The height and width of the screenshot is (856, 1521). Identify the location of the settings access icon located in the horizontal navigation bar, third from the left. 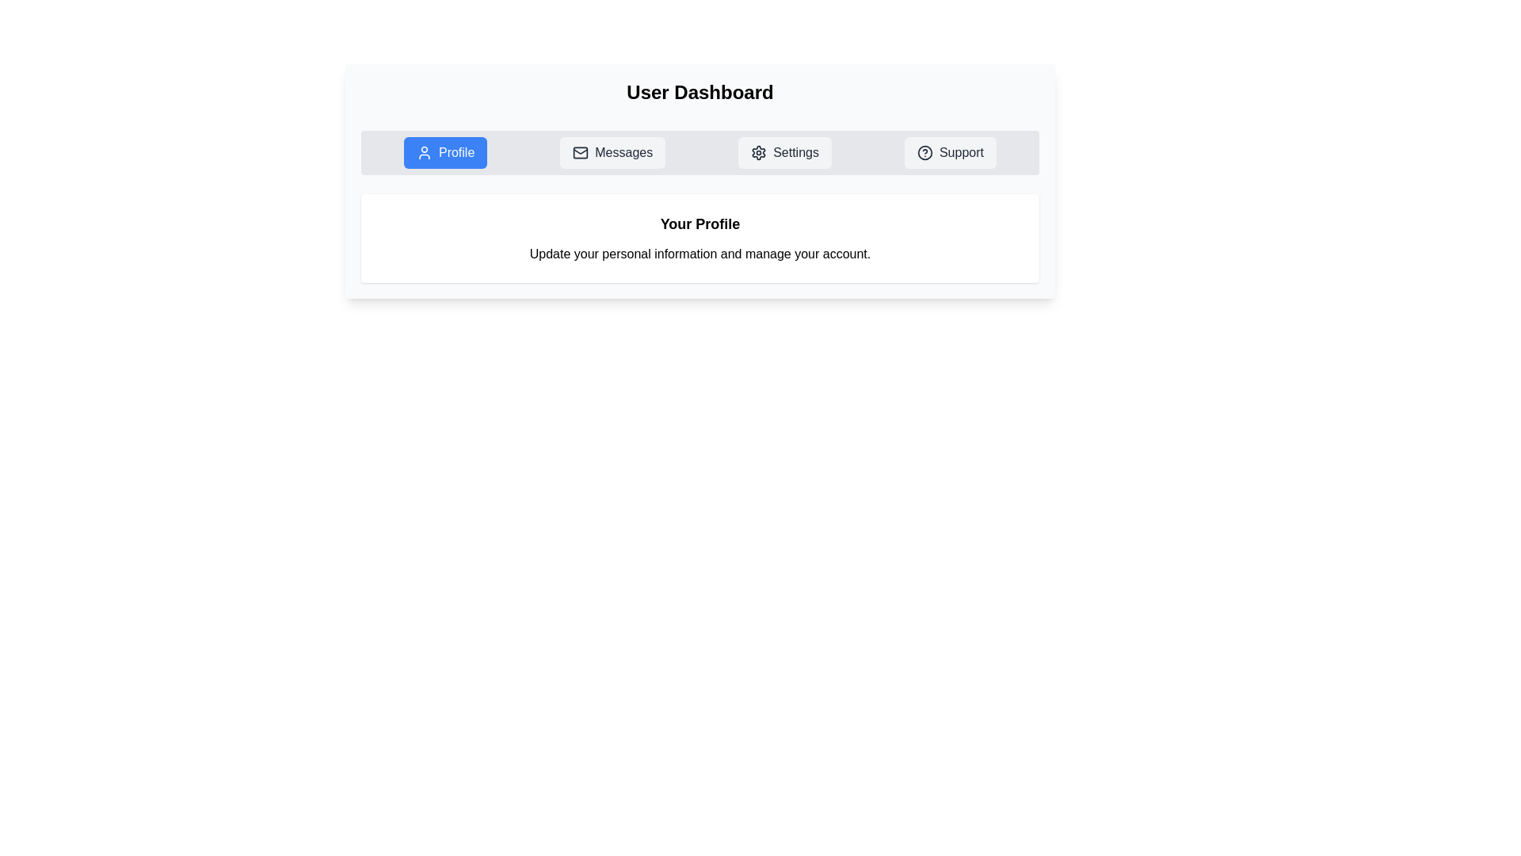
(758, 152).